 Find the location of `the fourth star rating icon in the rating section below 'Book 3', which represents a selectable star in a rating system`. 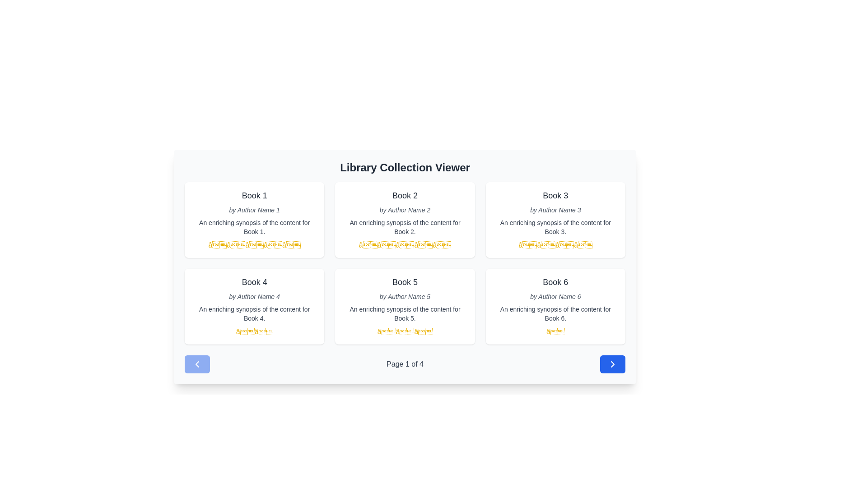

the fourth star rating icon in the rating section below 'Book 3', which represents a selectable star in a rating system is located at coordinates (583, 245).